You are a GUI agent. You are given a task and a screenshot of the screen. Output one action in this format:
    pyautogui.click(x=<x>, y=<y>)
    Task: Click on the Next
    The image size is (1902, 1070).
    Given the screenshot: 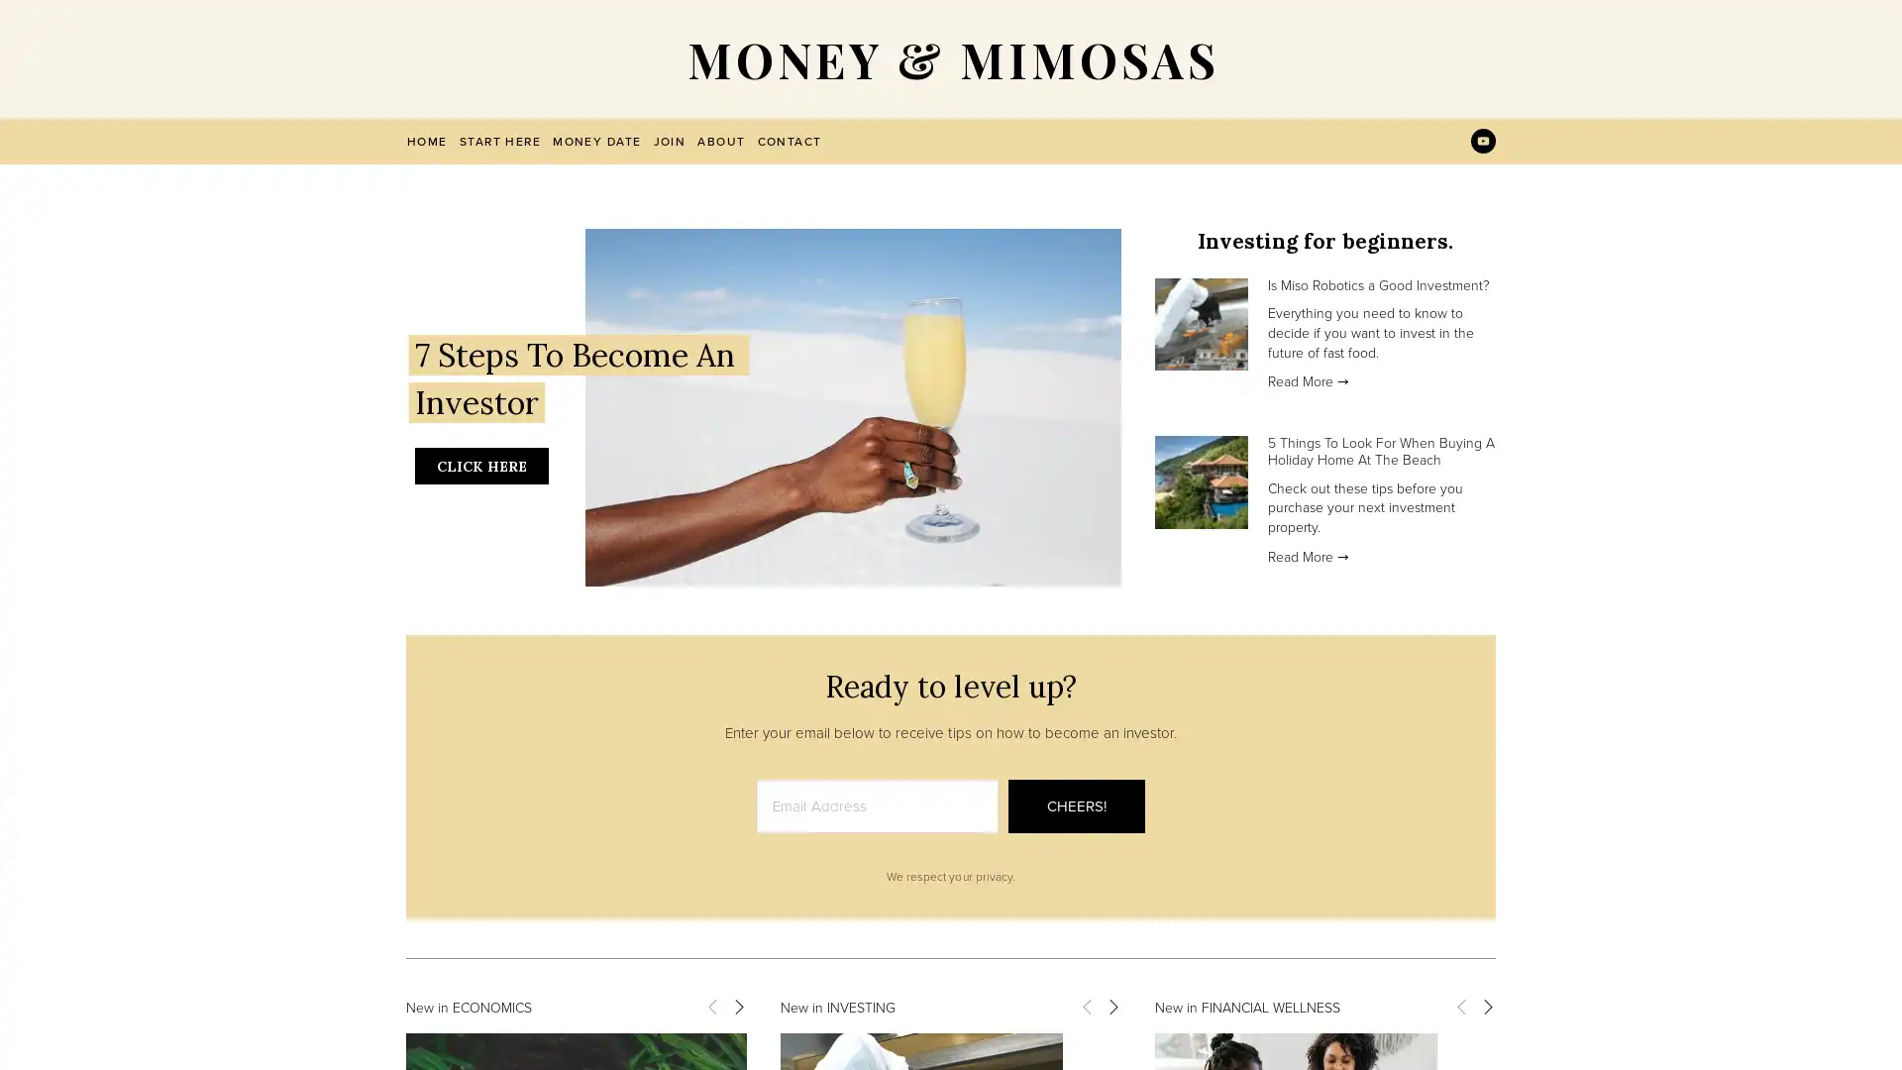 What is the action you would take?
    pyautogui.click(x=1487, y=1005)
    